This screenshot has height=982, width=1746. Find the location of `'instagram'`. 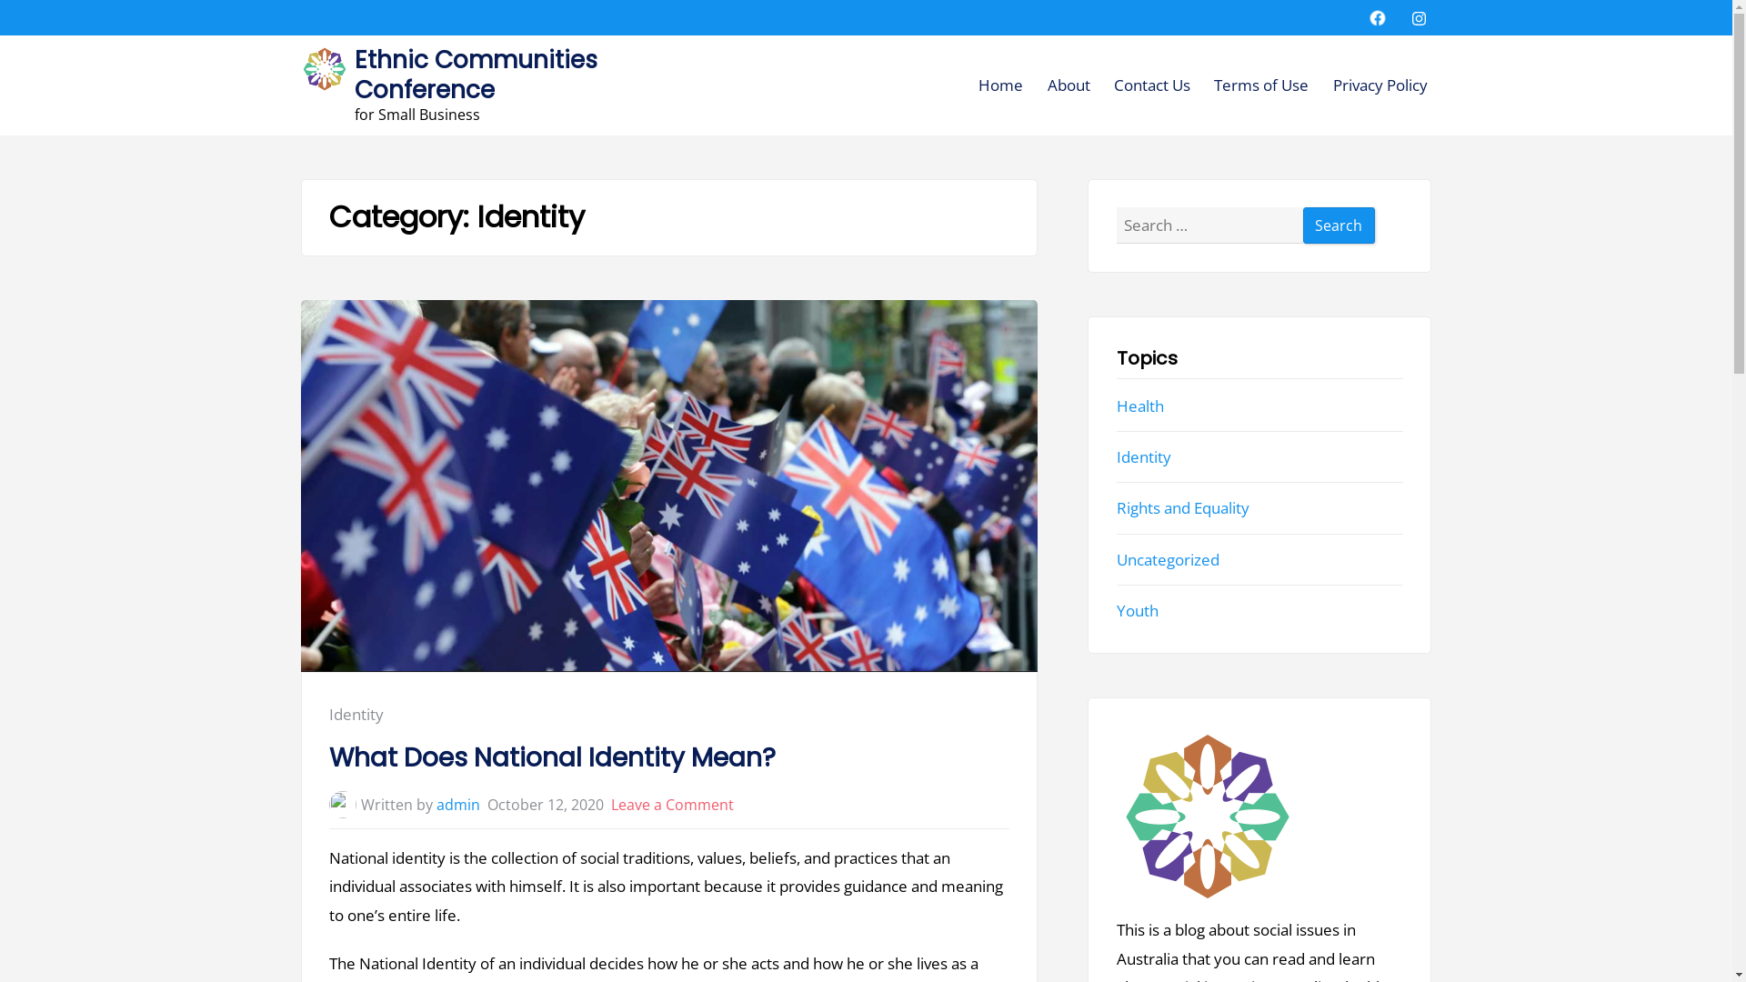

'instagram' is located at coordinates (1409, 17).